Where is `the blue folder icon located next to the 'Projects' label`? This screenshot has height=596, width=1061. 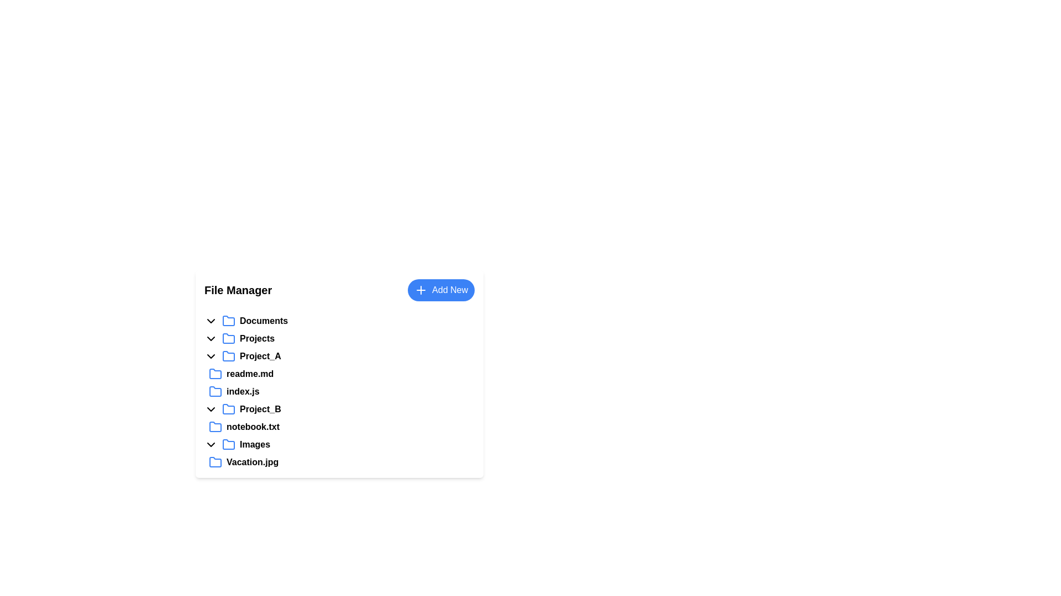 the blue folder icon located next to the 'Projects' label is located at coordinates (228, 338).